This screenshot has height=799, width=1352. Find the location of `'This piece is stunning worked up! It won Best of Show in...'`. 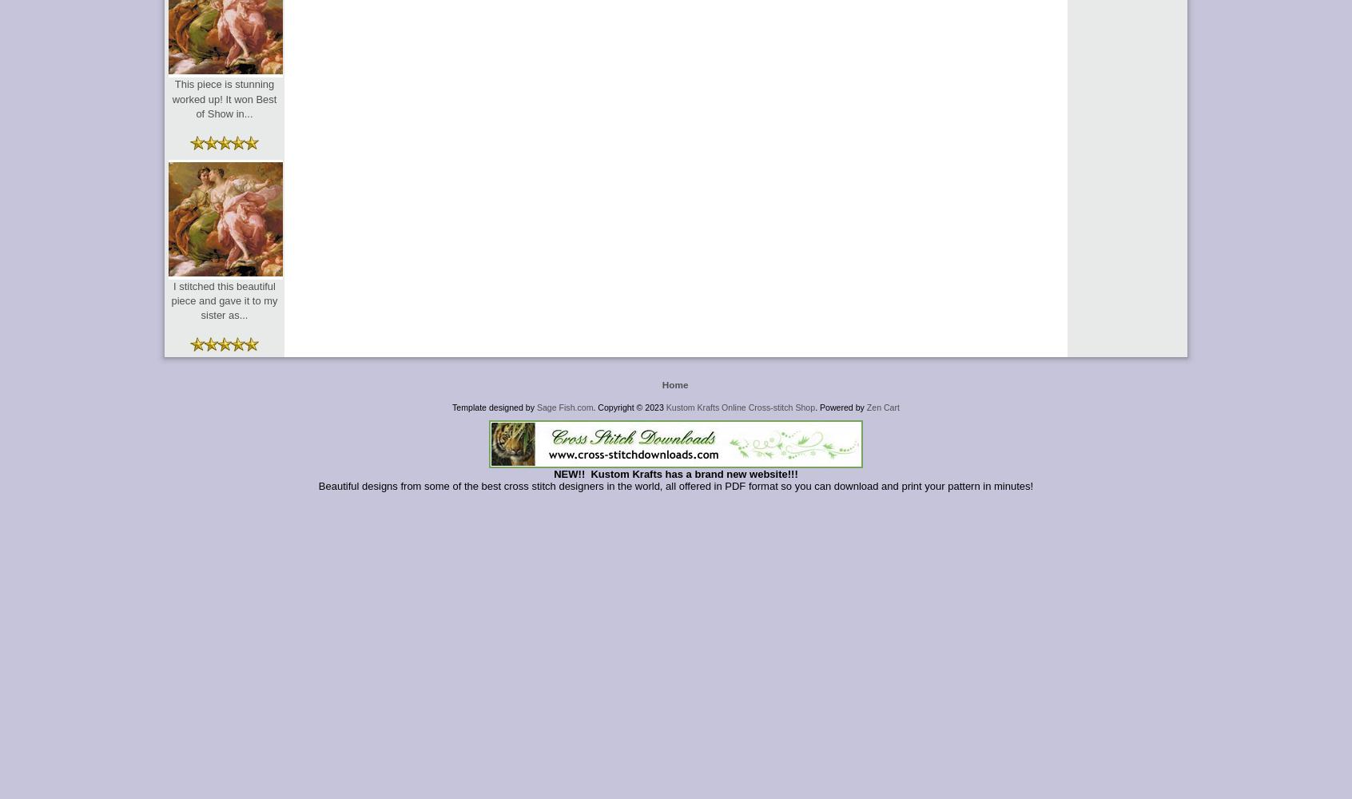

'This piece is stunning worked up! It won Best of Show in...' is located at coordinates (224, 97).